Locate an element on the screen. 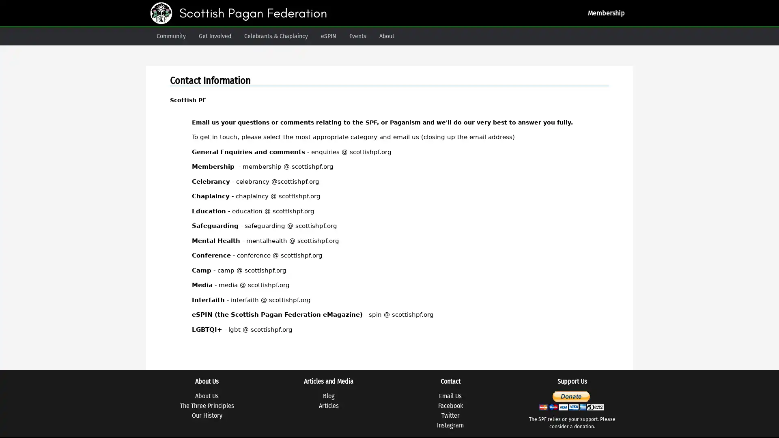 The height and width of the screenshot is (438, 779). eSPIN is located at coordinates (329, 36).